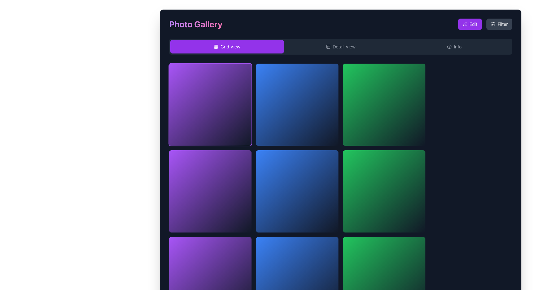  I want to click on the text label displaying 'Photo Gallery' which is located at the top-left corner of the interface, featuring a bold, large font with a purple to pink gradient, so click(196, 24).